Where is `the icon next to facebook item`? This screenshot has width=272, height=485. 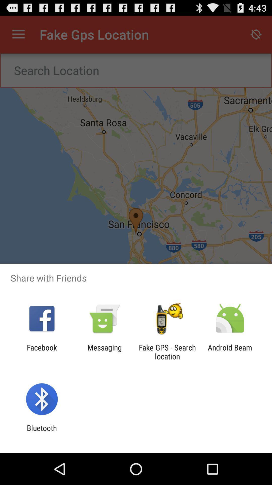
the icon next to facebook item is located at coordinates (104, 352).